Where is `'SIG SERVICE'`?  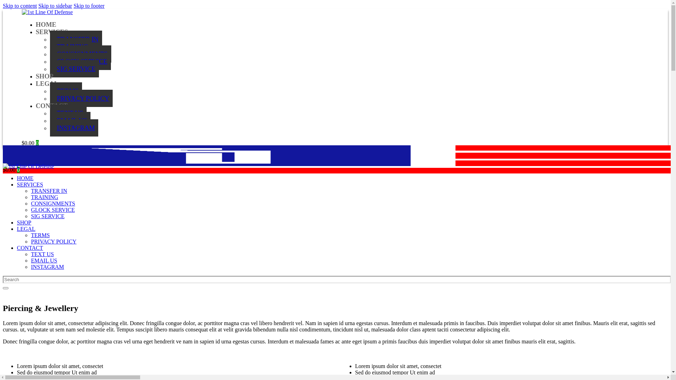
'SIG SERVICE' is located at coordinates (47, 216).